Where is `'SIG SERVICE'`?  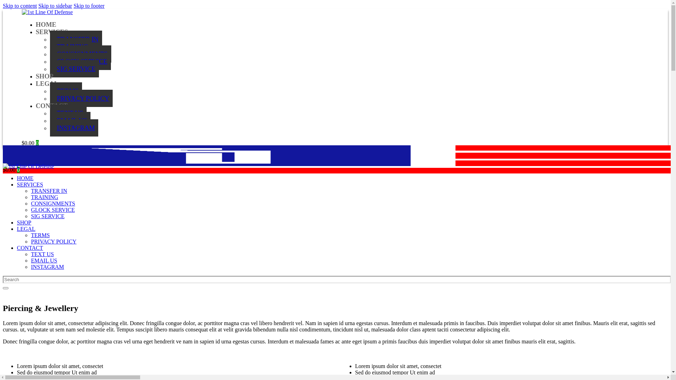
'SIG SERVICE' is located at coordinates (47, 216).